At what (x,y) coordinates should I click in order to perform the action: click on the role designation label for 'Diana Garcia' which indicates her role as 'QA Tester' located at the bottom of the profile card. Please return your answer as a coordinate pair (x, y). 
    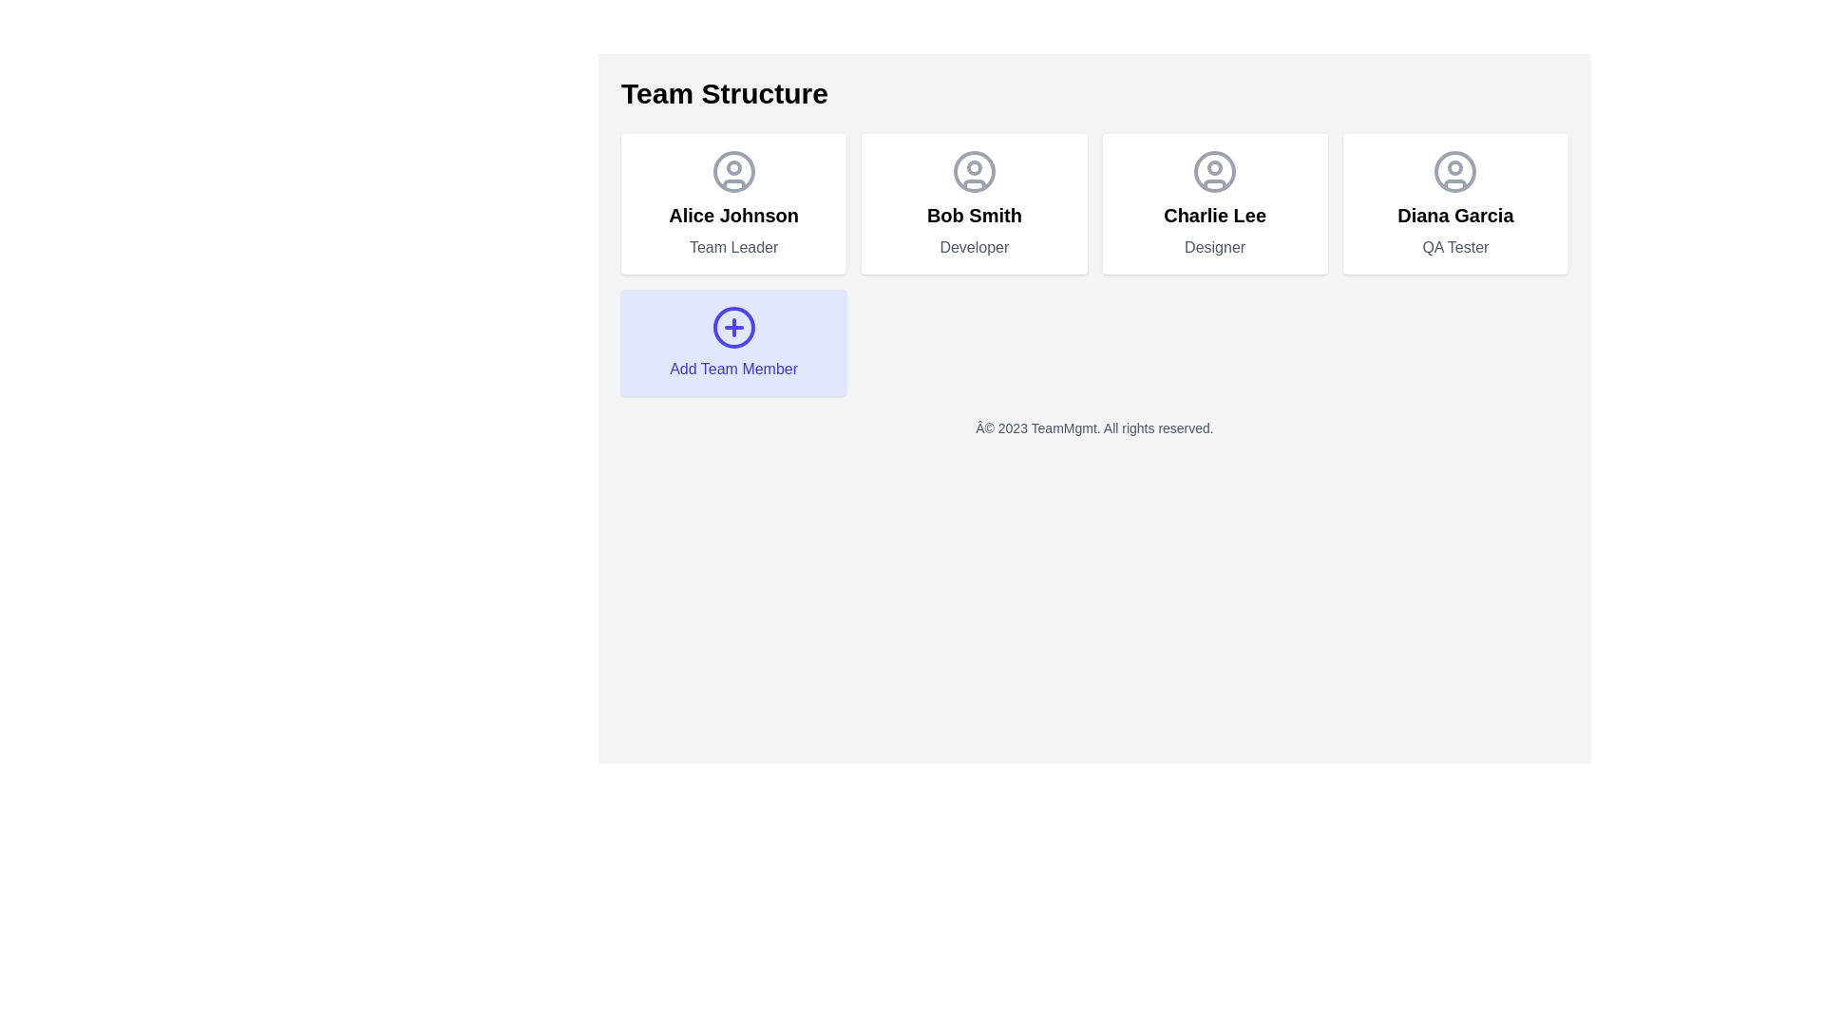
    Looking at the image, I should click on (1454, 247).